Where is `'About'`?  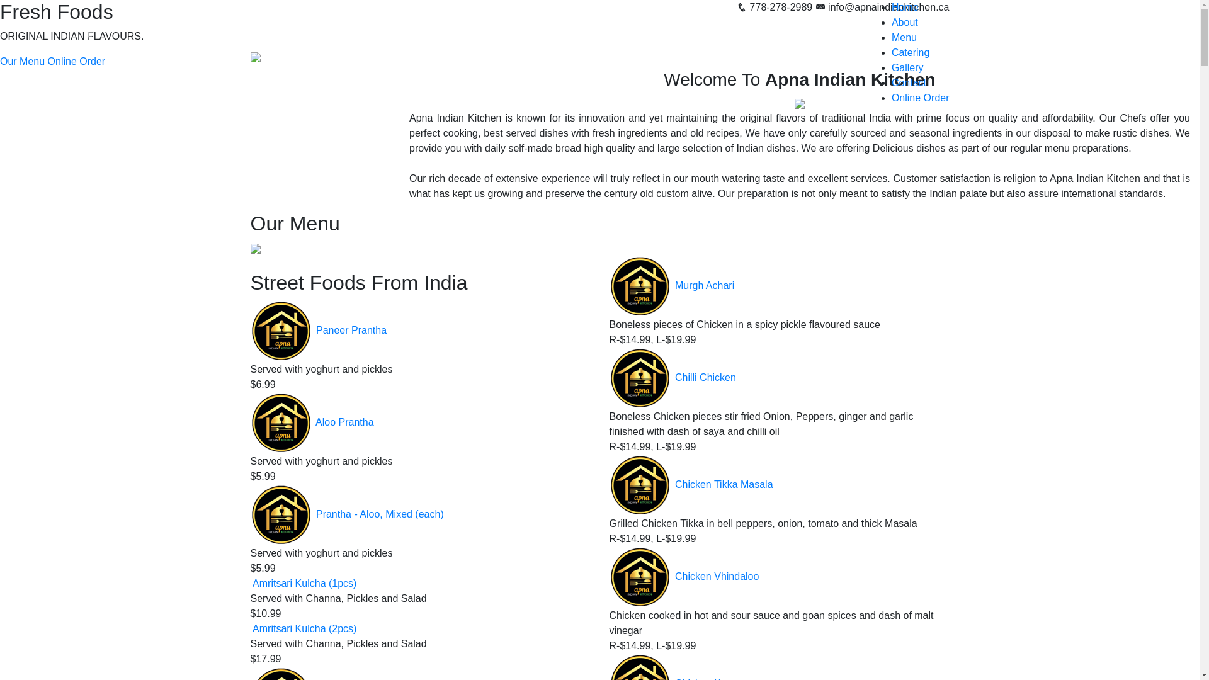
'About' is located at coordinates (904, 22).